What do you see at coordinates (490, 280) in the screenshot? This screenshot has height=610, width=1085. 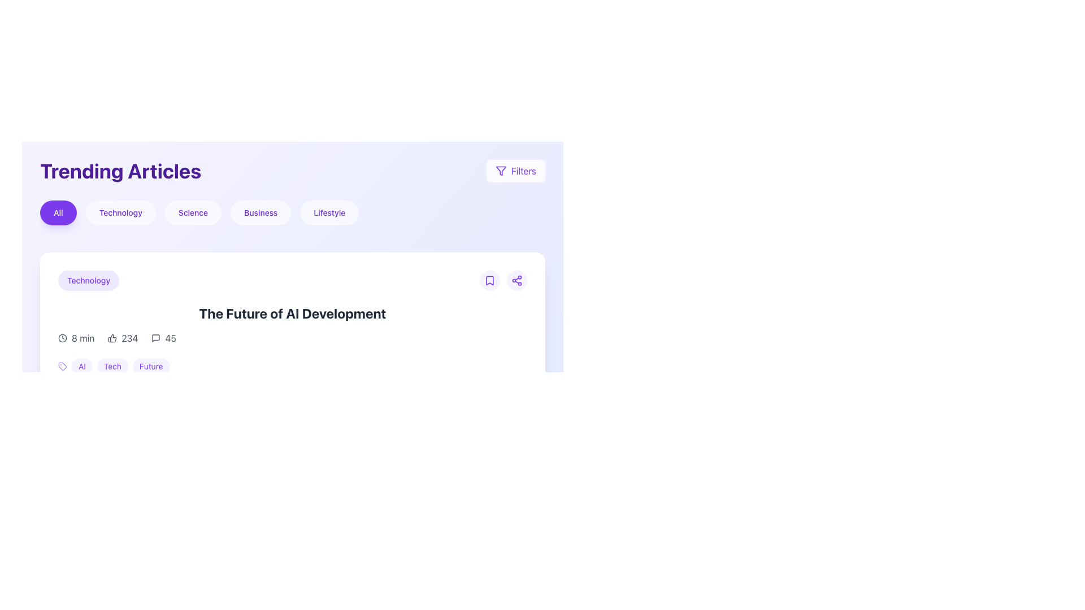 I see `the first button in the row of interactive buttons` at bounding box center [490, 280].